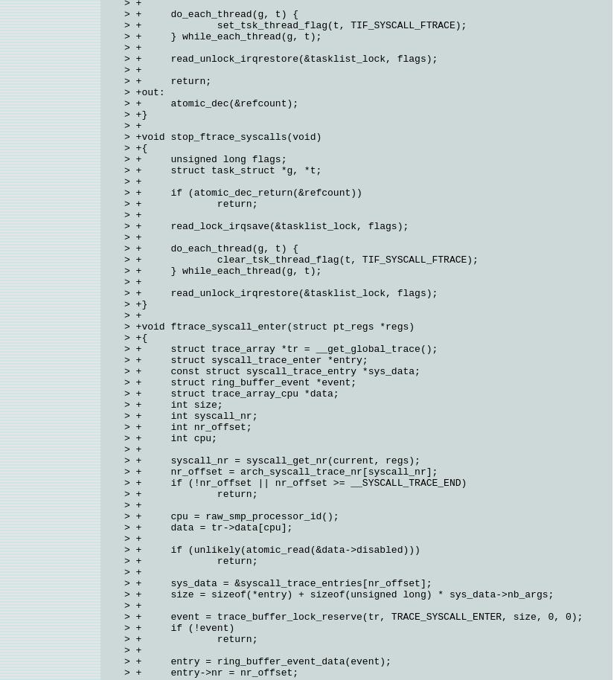 The width and height of the screenshot is (614, 680). Describe the element at coordinates (272, 460) in the screenshot. I see `'> +	syscall_nr = syscall_get_nr(current, regs);'` at that location.